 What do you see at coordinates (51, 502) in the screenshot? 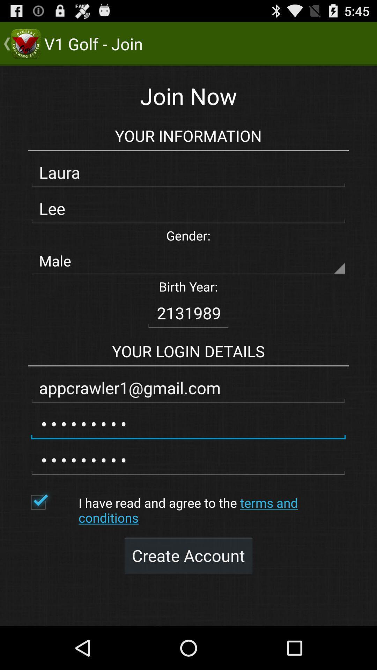
I see `check agreement to the terms and conditions` at bounding box center [51, 502].